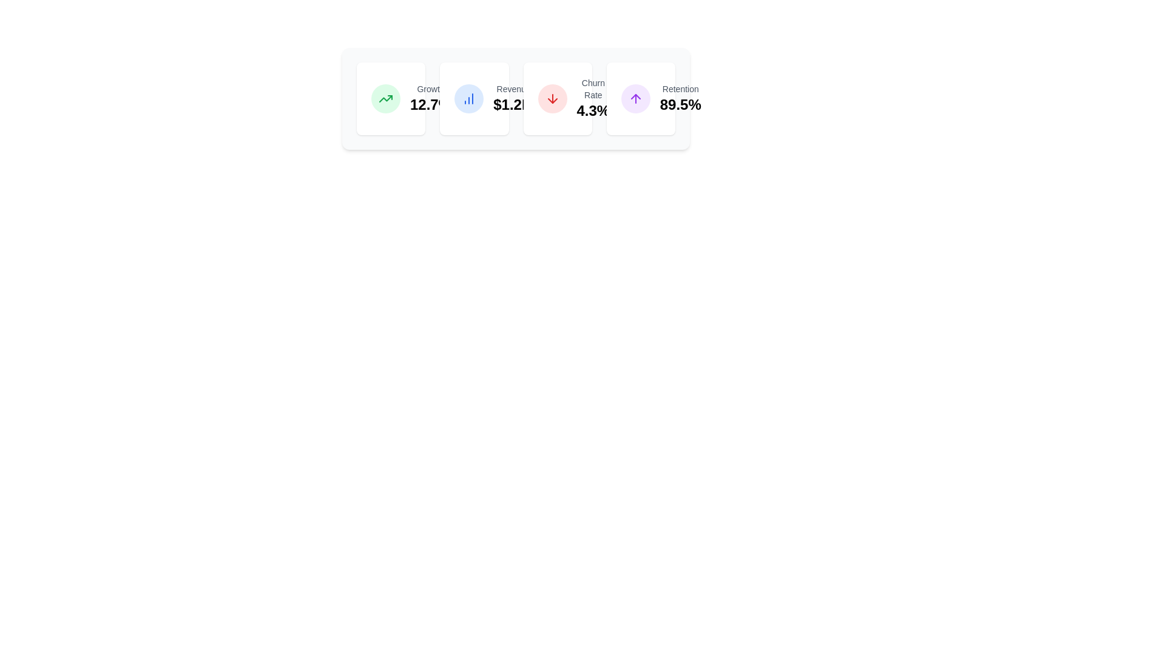 The width and height of the screenshot is (1165, 655). I want to click on value displayed in the prominent text element showing '4.3%' within the Churn Rate card, which is positioned below the label 'Churn Rate', so click(593, 110).